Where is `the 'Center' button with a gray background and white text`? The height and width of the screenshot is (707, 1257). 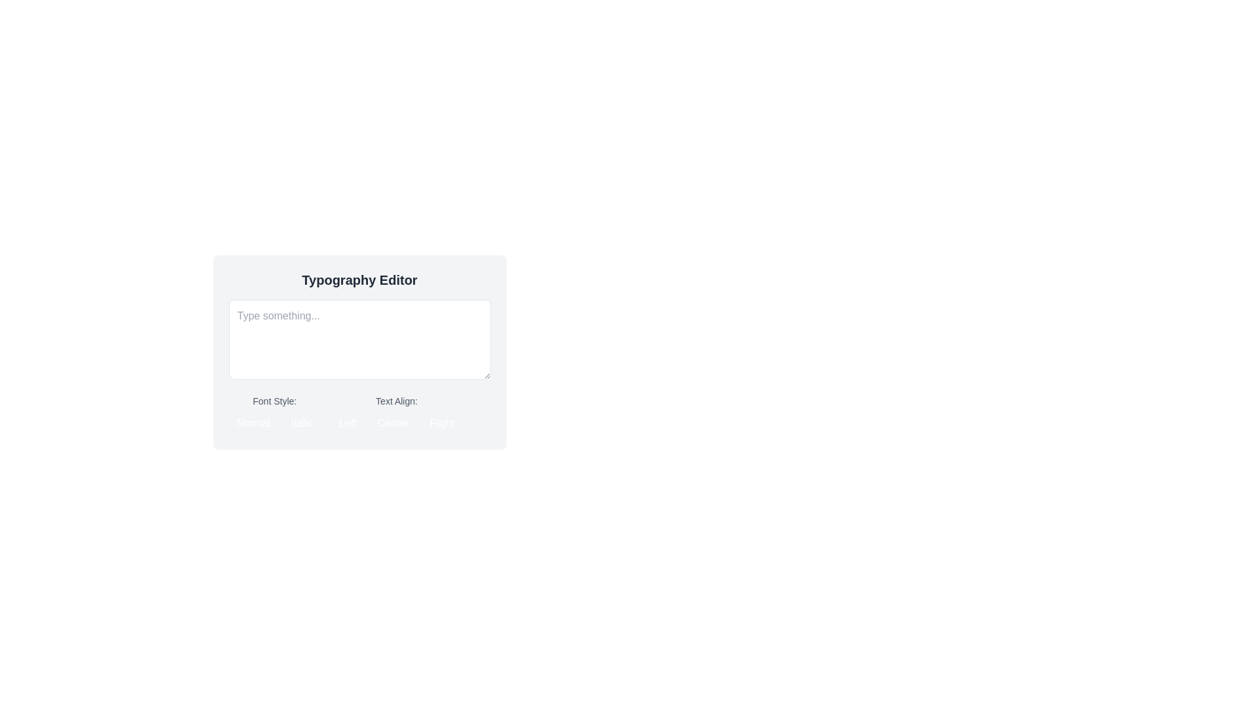 the 'Center' button with a gray background and white text is located at coordinates (392, 424).